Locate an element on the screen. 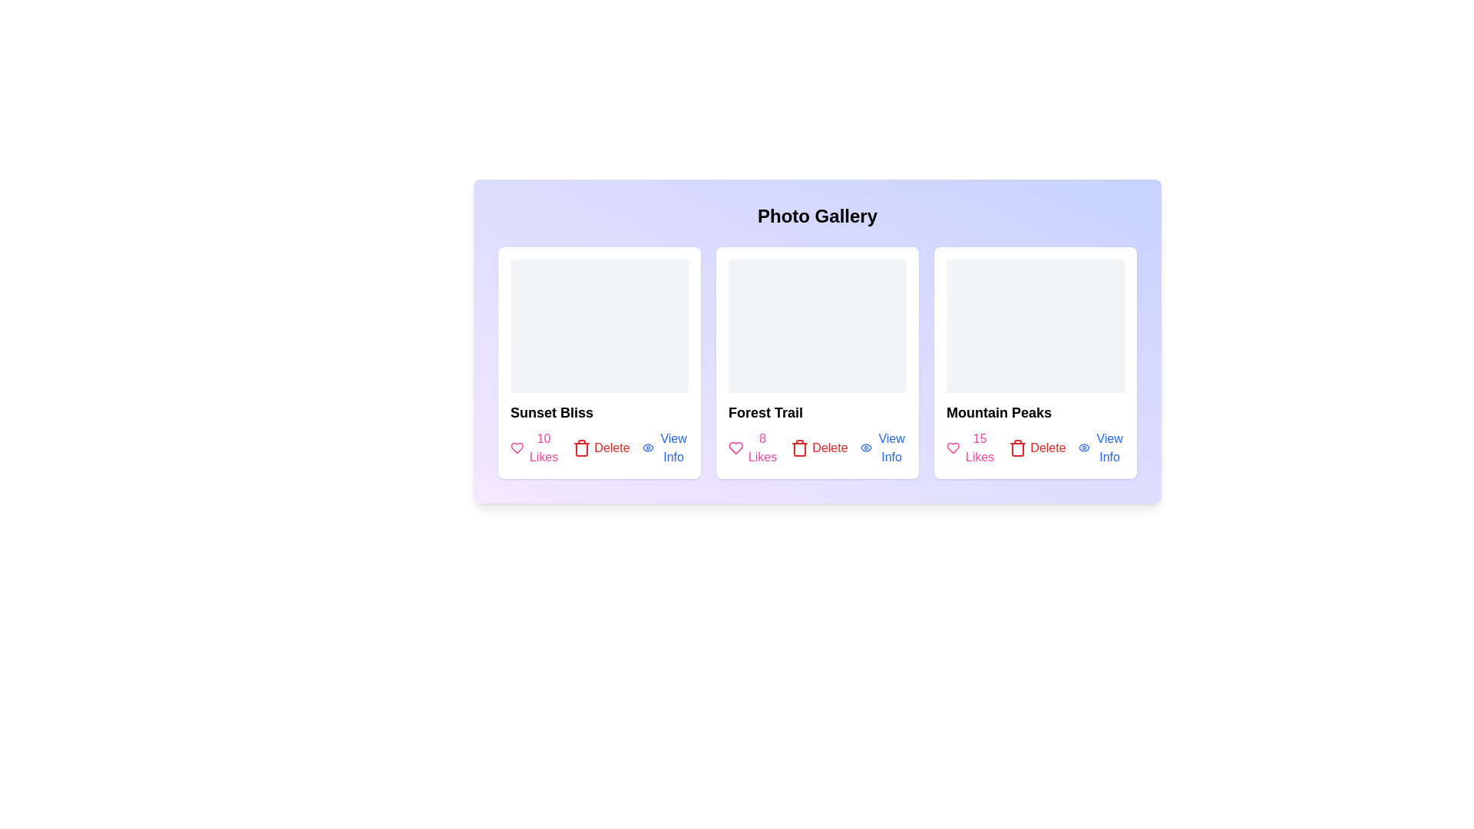 The width and height of the screenshot is (1474, 829). the title of the photo Mountain Peaks is located at coordinates (998, 411).